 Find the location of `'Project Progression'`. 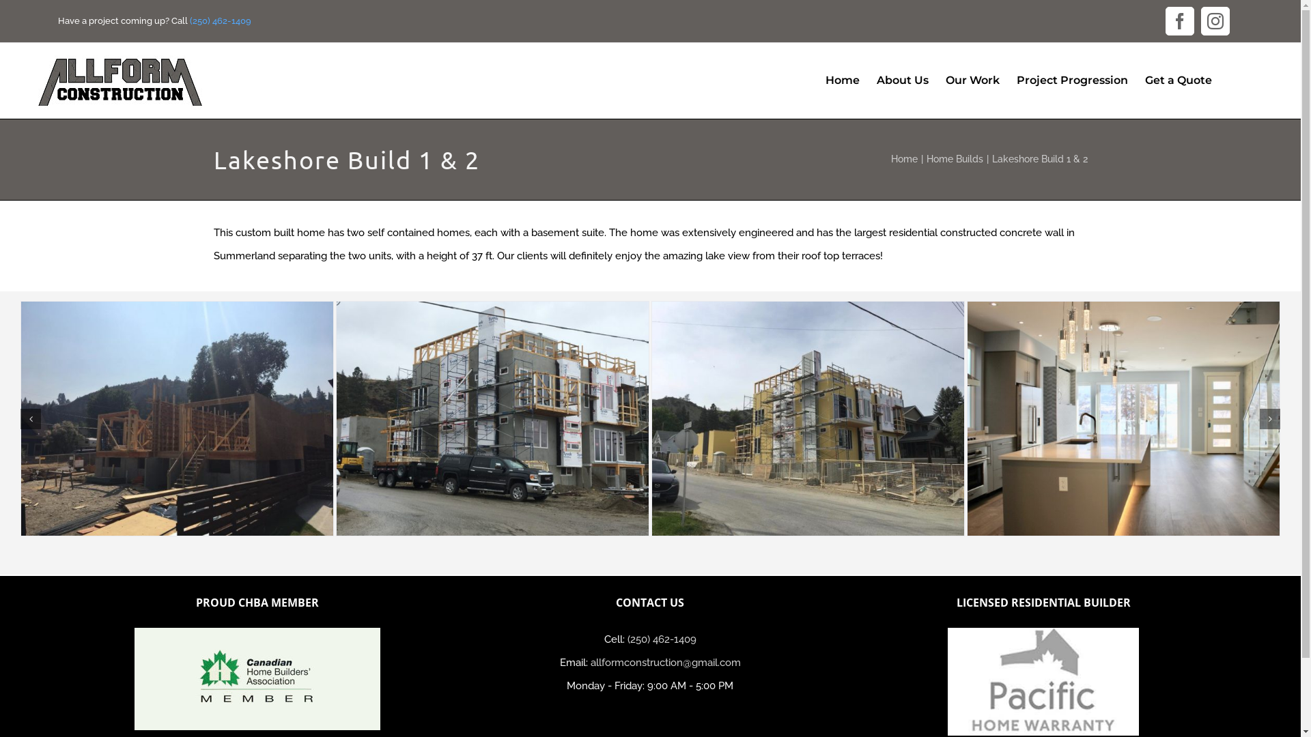

'Project Progression' is located at coordinates (1071, 81).